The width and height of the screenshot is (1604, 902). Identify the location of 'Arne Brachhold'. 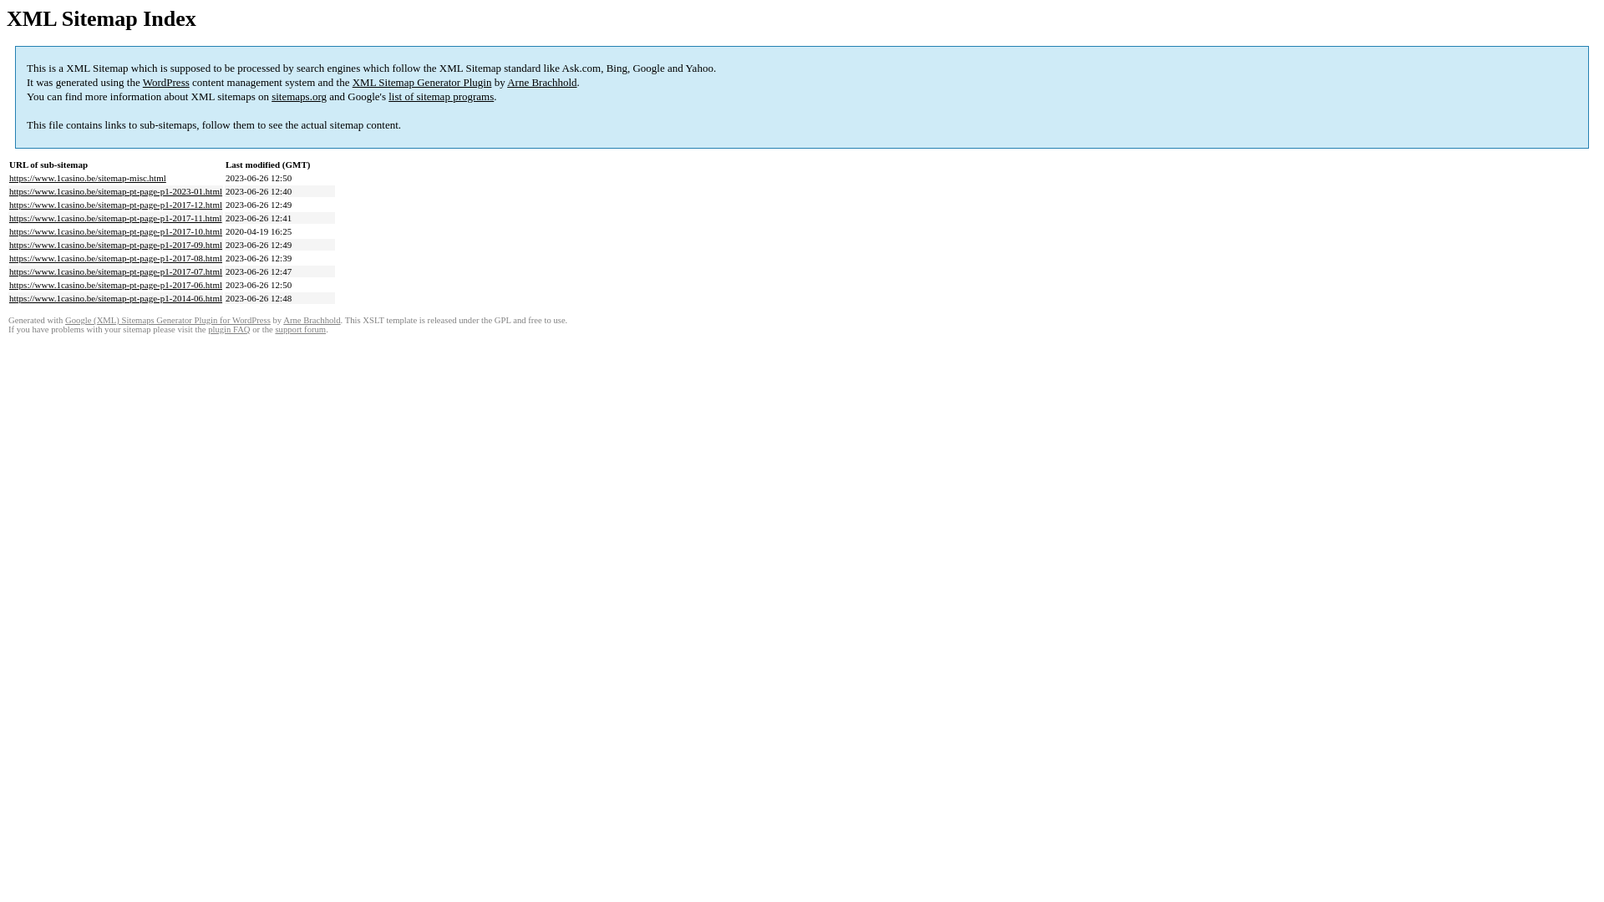
(505, 82).